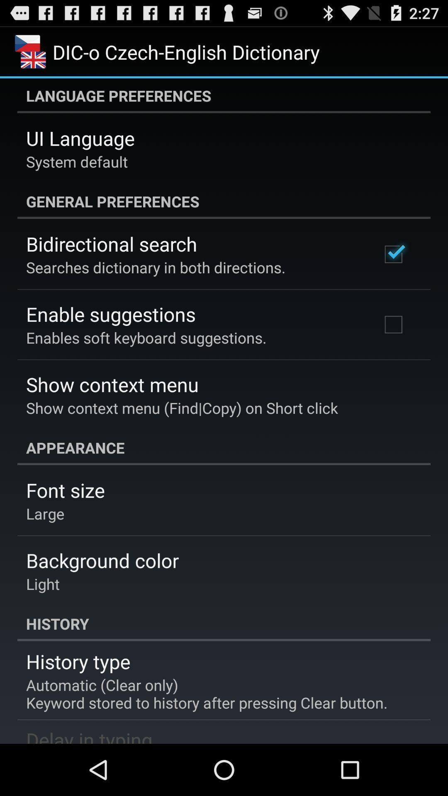 This screenshot has width=448, height=796. I want to click on app above enable suggestions, so click(156, 267).